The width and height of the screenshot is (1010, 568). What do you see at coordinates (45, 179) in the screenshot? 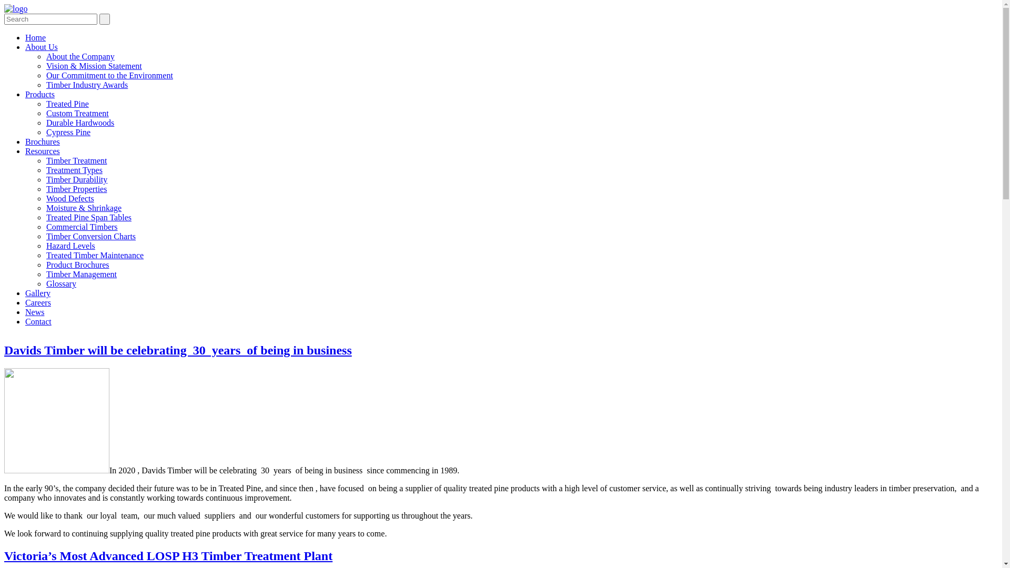
I see `'Timber Durability'` at bounding box center [45, 179].